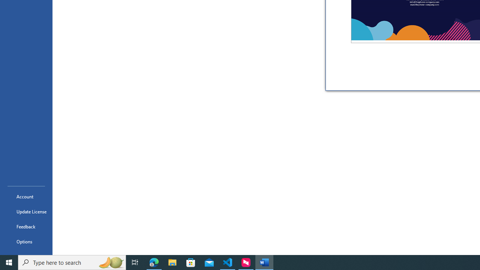 This screenshot has width=480, height=270. What do you see at coordinates (264, 262) in the screenshot?
I see `'Word - 1 running window'` at bounding box center [264, 262].